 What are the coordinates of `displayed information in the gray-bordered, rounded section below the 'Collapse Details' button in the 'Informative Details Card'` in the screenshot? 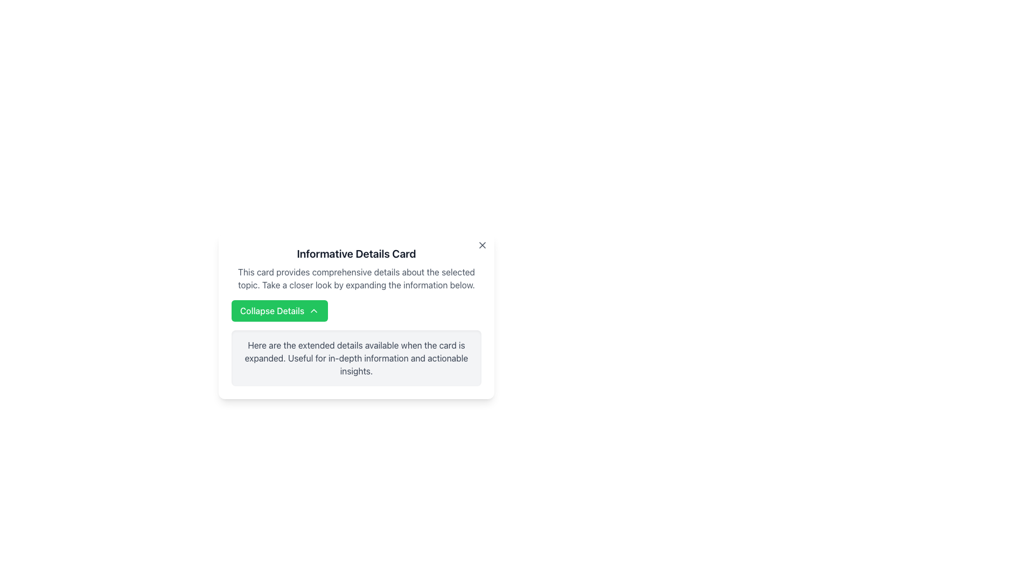 It's located at (357, 358).